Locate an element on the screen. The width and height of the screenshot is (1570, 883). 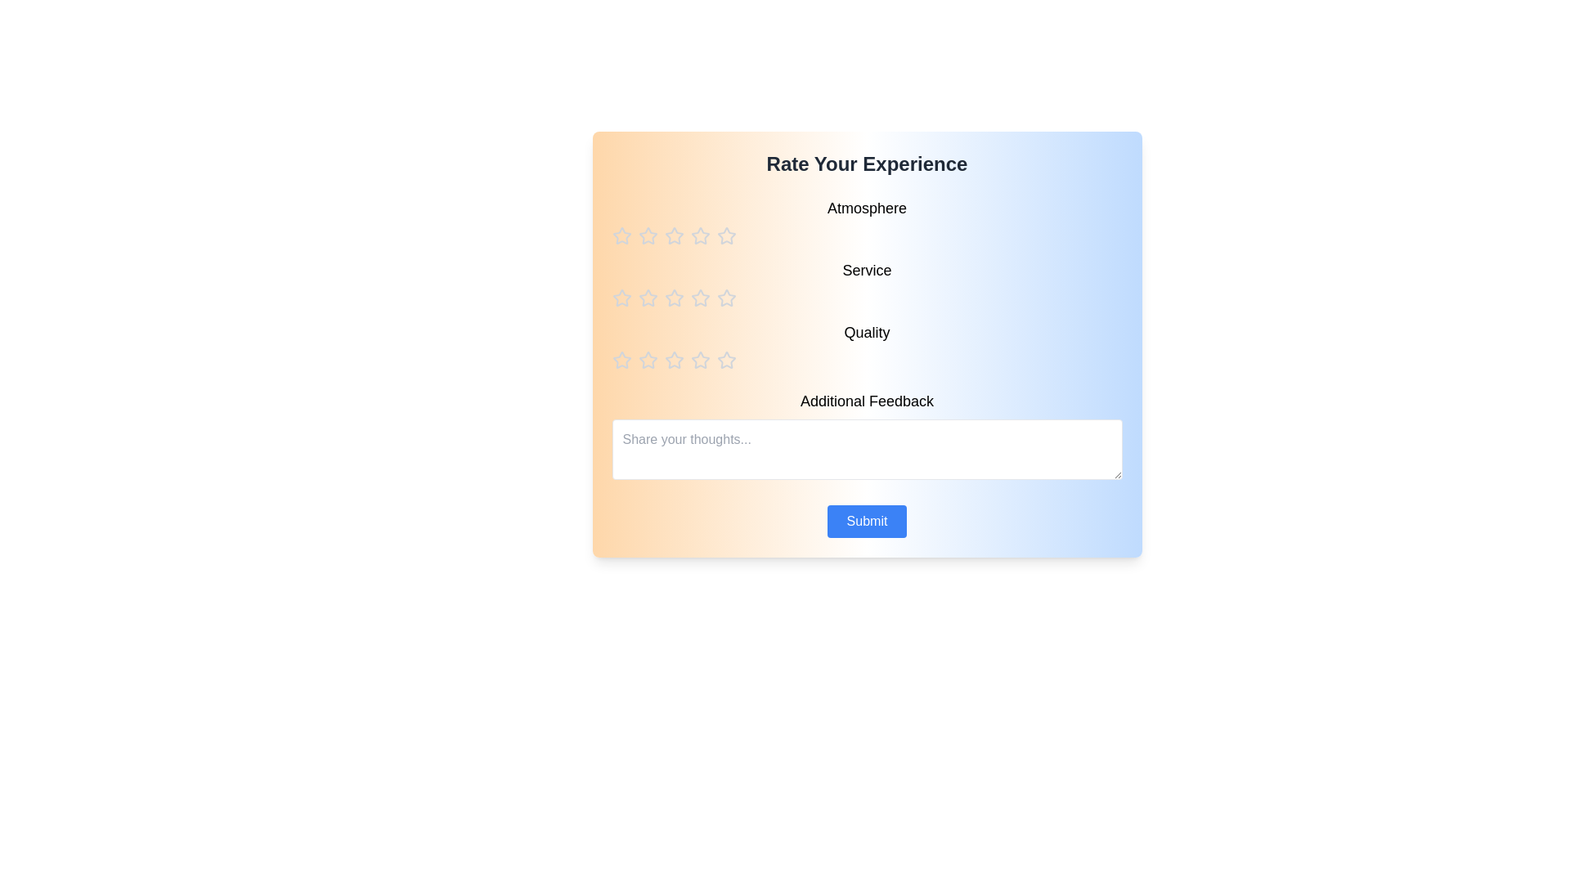
the star corresponding to the rating 3 for the category service is located at coordinates (674, 298).